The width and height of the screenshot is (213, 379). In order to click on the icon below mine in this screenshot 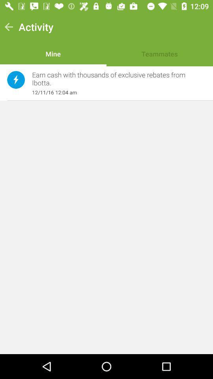, I will do `click(114, 79)`.